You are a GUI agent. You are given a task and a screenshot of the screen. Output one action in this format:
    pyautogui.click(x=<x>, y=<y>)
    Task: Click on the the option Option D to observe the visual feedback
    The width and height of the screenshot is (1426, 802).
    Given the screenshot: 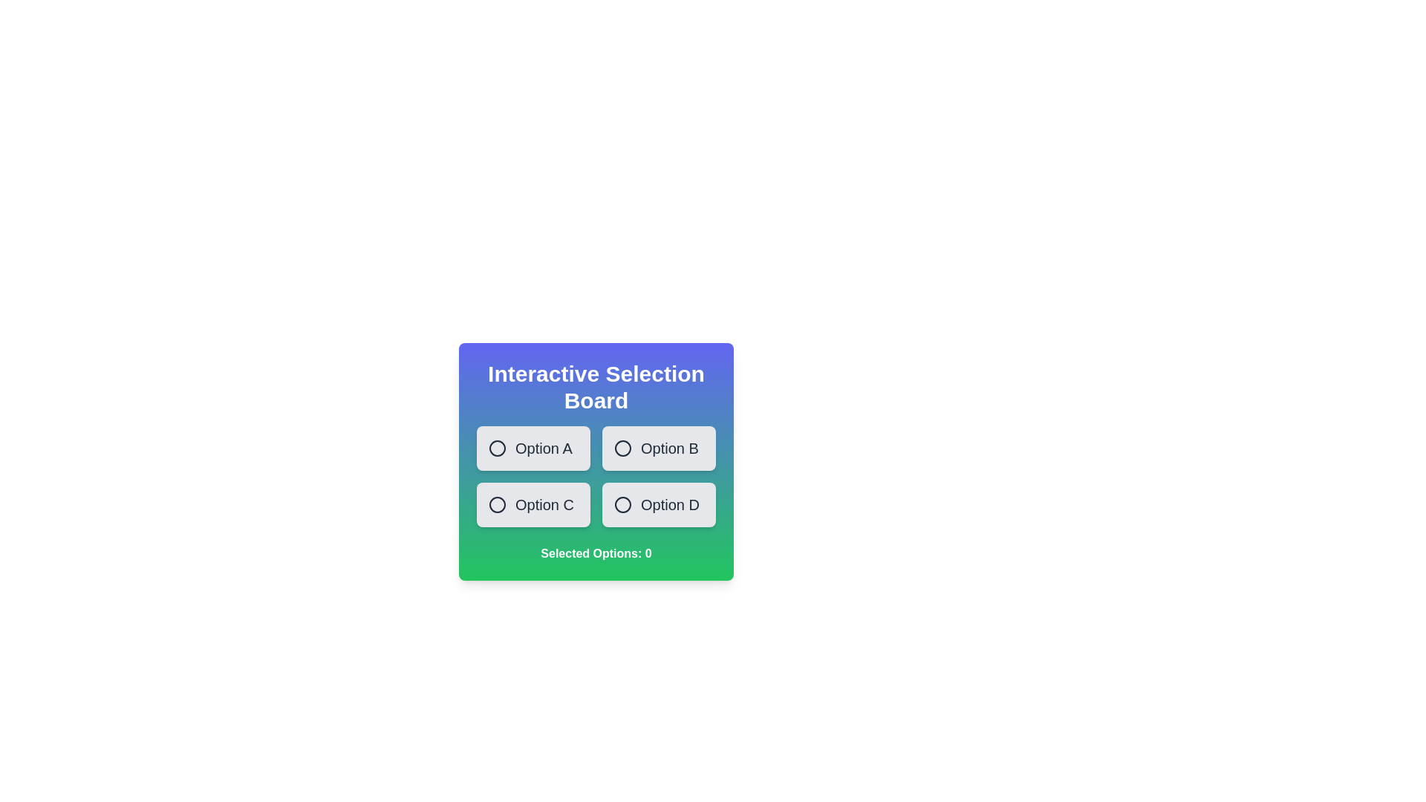 What is the action you would take?
    pyautogui.click(x=658, y=503)
    